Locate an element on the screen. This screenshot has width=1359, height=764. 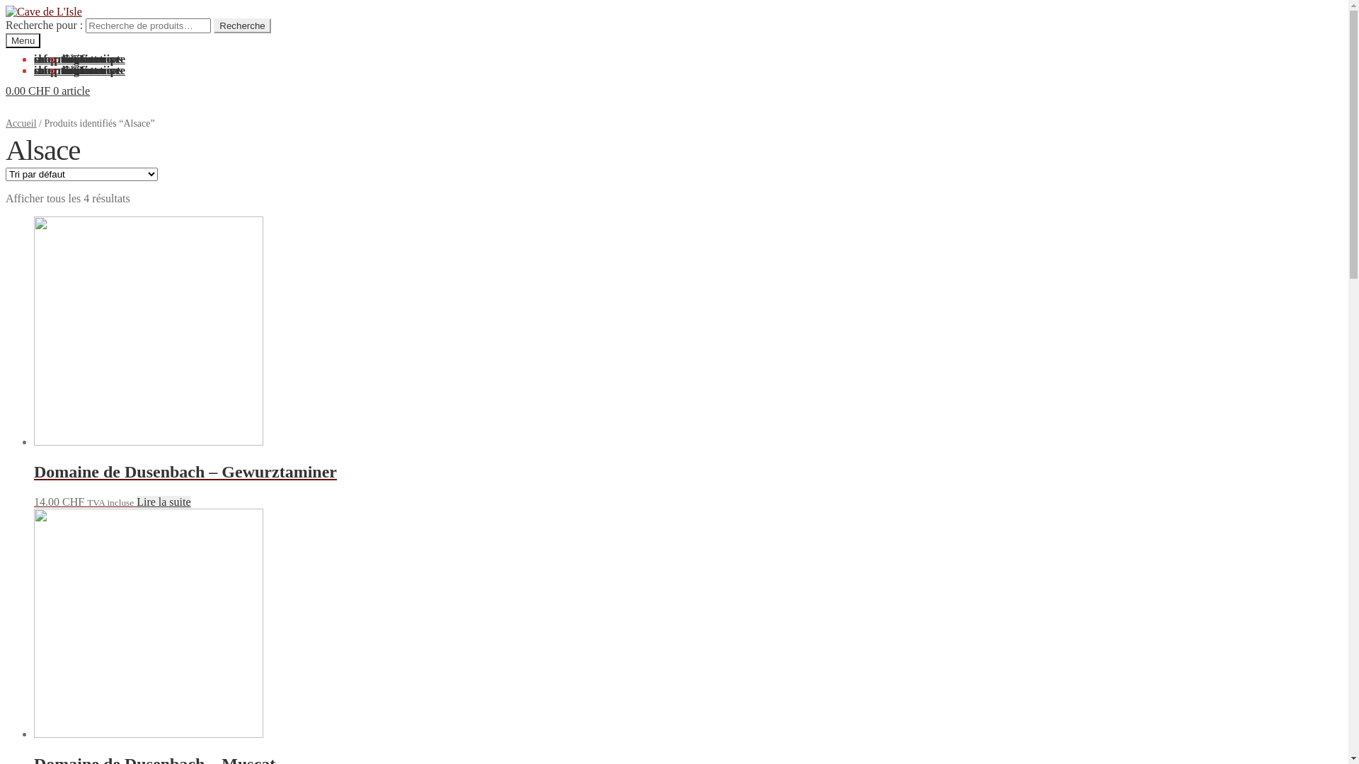
'votre compte' is located at coordinates (61, 58).